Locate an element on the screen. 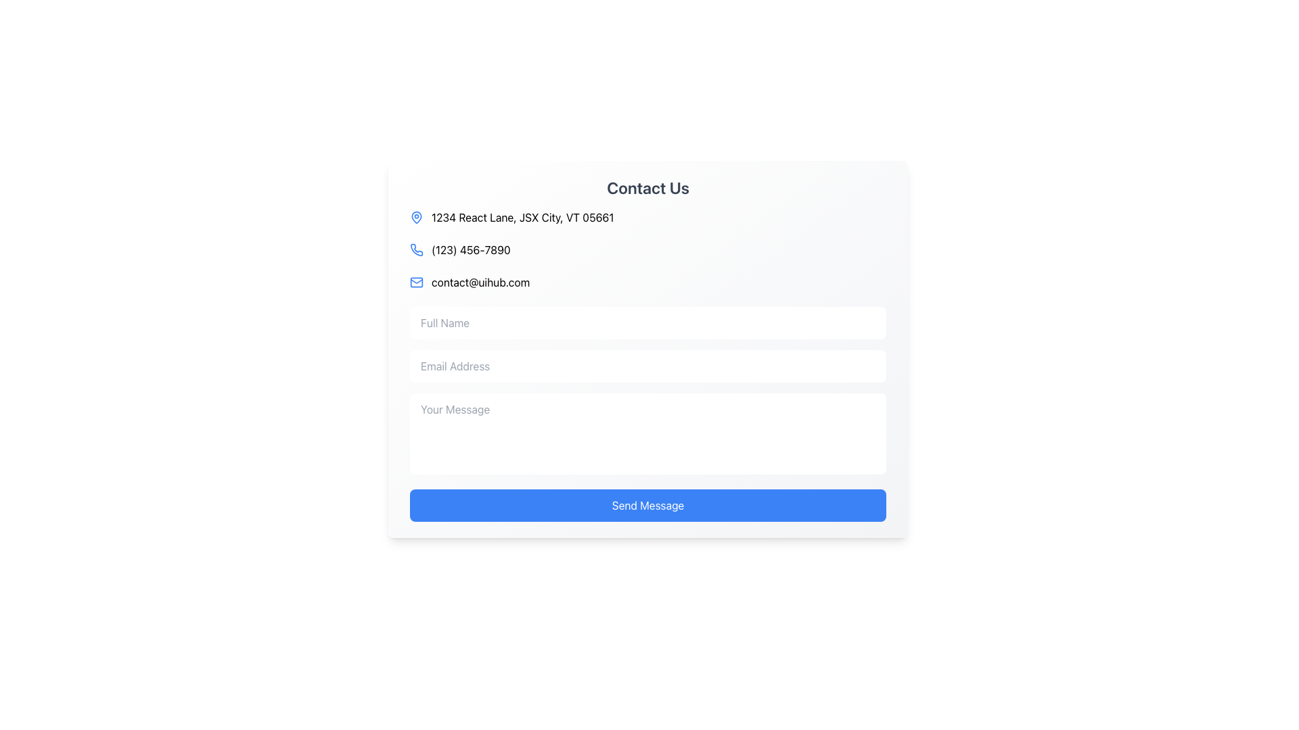 Image resolution: width=1299 pixels, height=730 pixels. the phone number icon, which serves as a visual indicator for the contact method associated with the text '(123) 456-7890' is located at coordinates (415, 250).